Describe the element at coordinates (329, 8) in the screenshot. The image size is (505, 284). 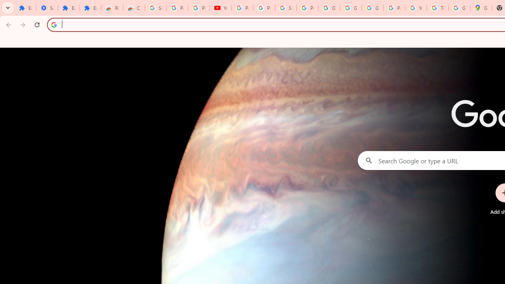
I see `'Google Account'` at that location.